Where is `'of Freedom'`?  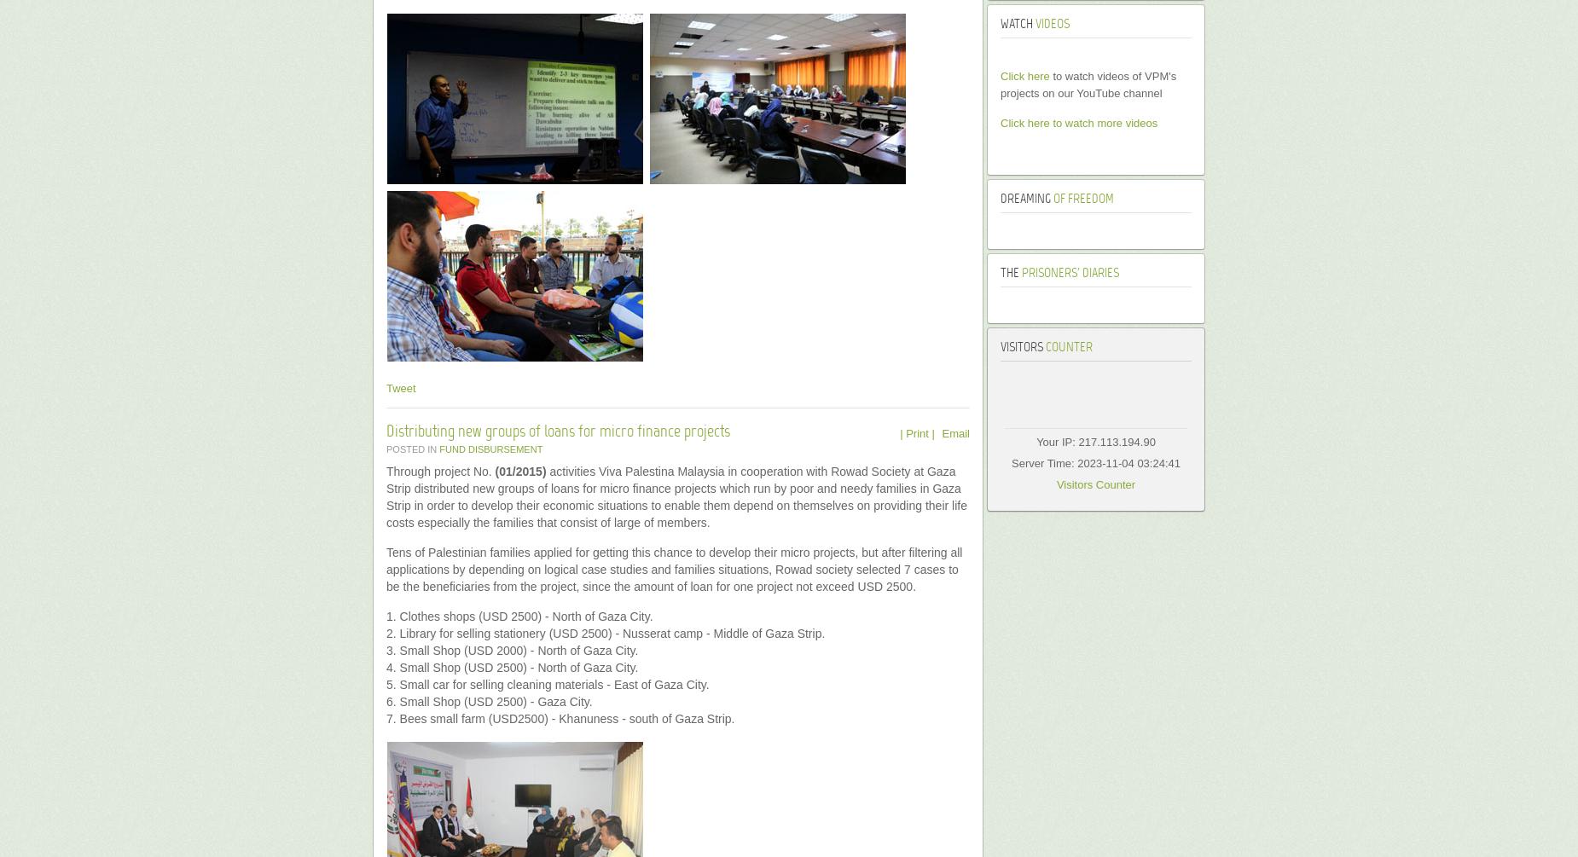 'of Freedom' is located at coordinates (1081, 198).